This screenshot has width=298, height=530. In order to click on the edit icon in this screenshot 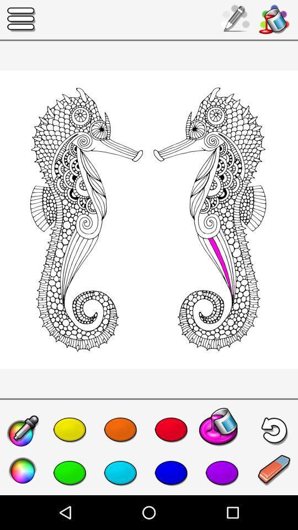, I will do `click(23, 432)`.